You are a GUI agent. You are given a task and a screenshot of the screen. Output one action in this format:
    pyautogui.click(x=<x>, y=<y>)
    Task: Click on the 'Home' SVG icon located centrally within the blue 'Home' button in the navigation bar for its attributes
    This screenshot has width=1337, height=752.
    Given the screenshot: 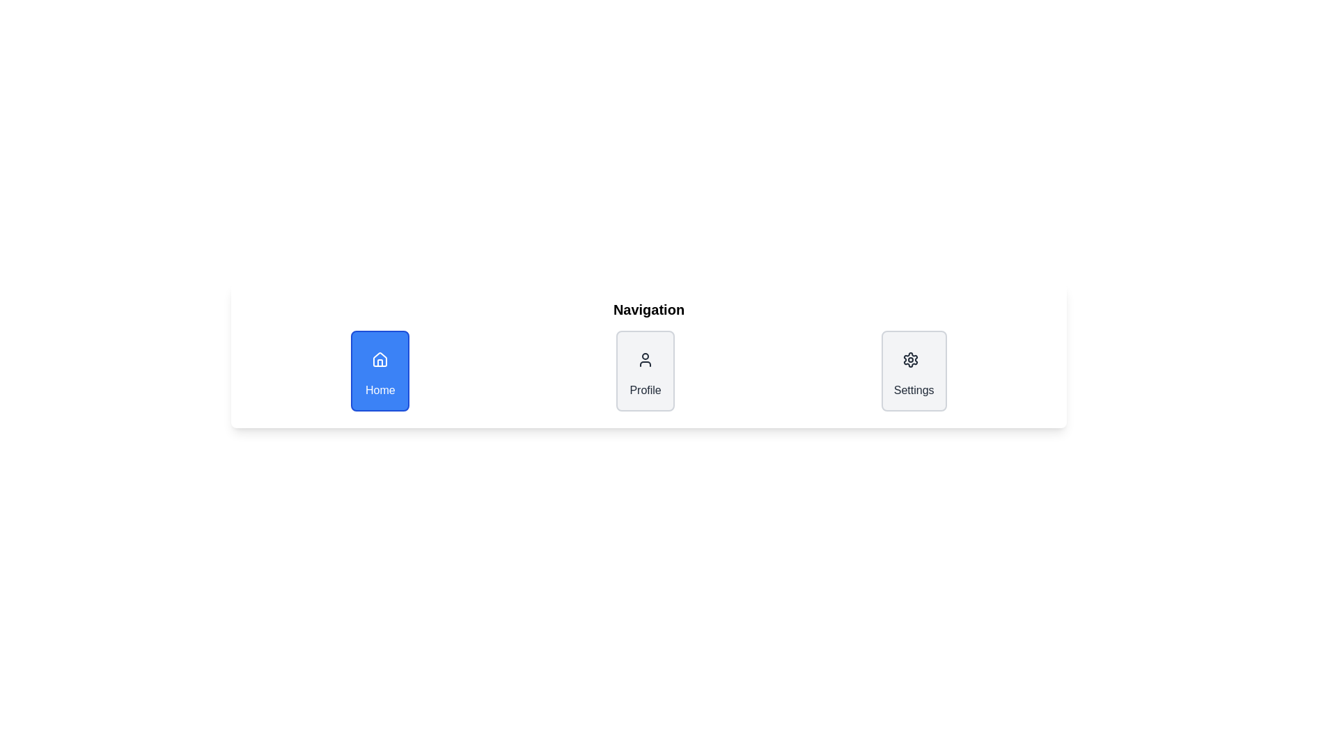 What is the action you would take?
    pyautogui.click(x=380, y=359)
    